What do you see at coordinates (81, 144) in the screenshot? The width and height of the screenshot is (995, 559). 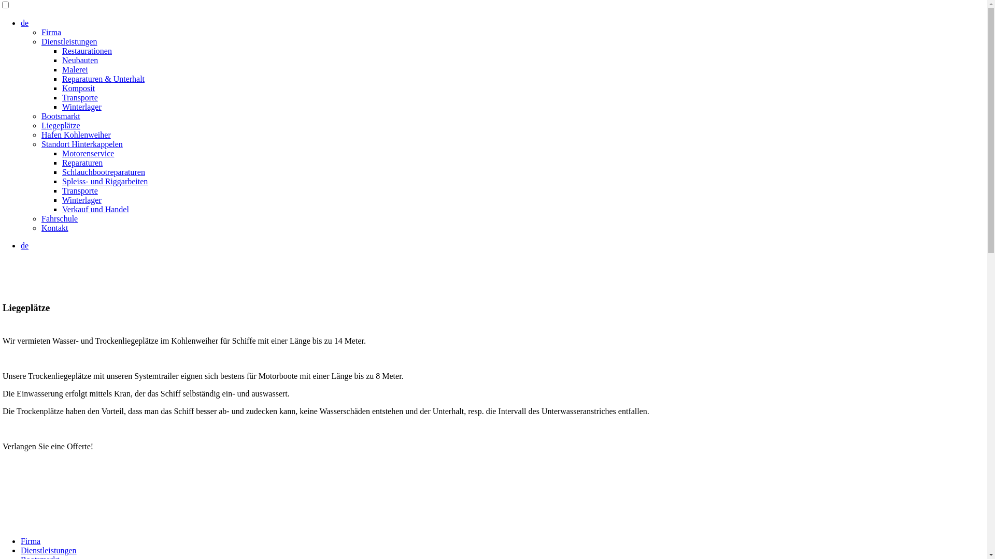 I see `'Standort Hinterkappelen'` at bounding box center [81, 144].